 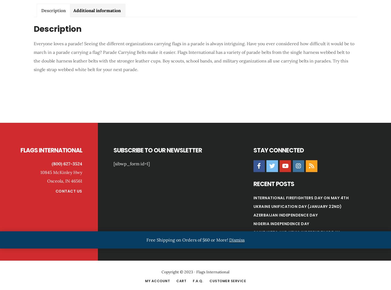 What do you see at coordinates (228, 281) in the screenshot?
I see `'Customer Service'` at bounding box center [228, 281].